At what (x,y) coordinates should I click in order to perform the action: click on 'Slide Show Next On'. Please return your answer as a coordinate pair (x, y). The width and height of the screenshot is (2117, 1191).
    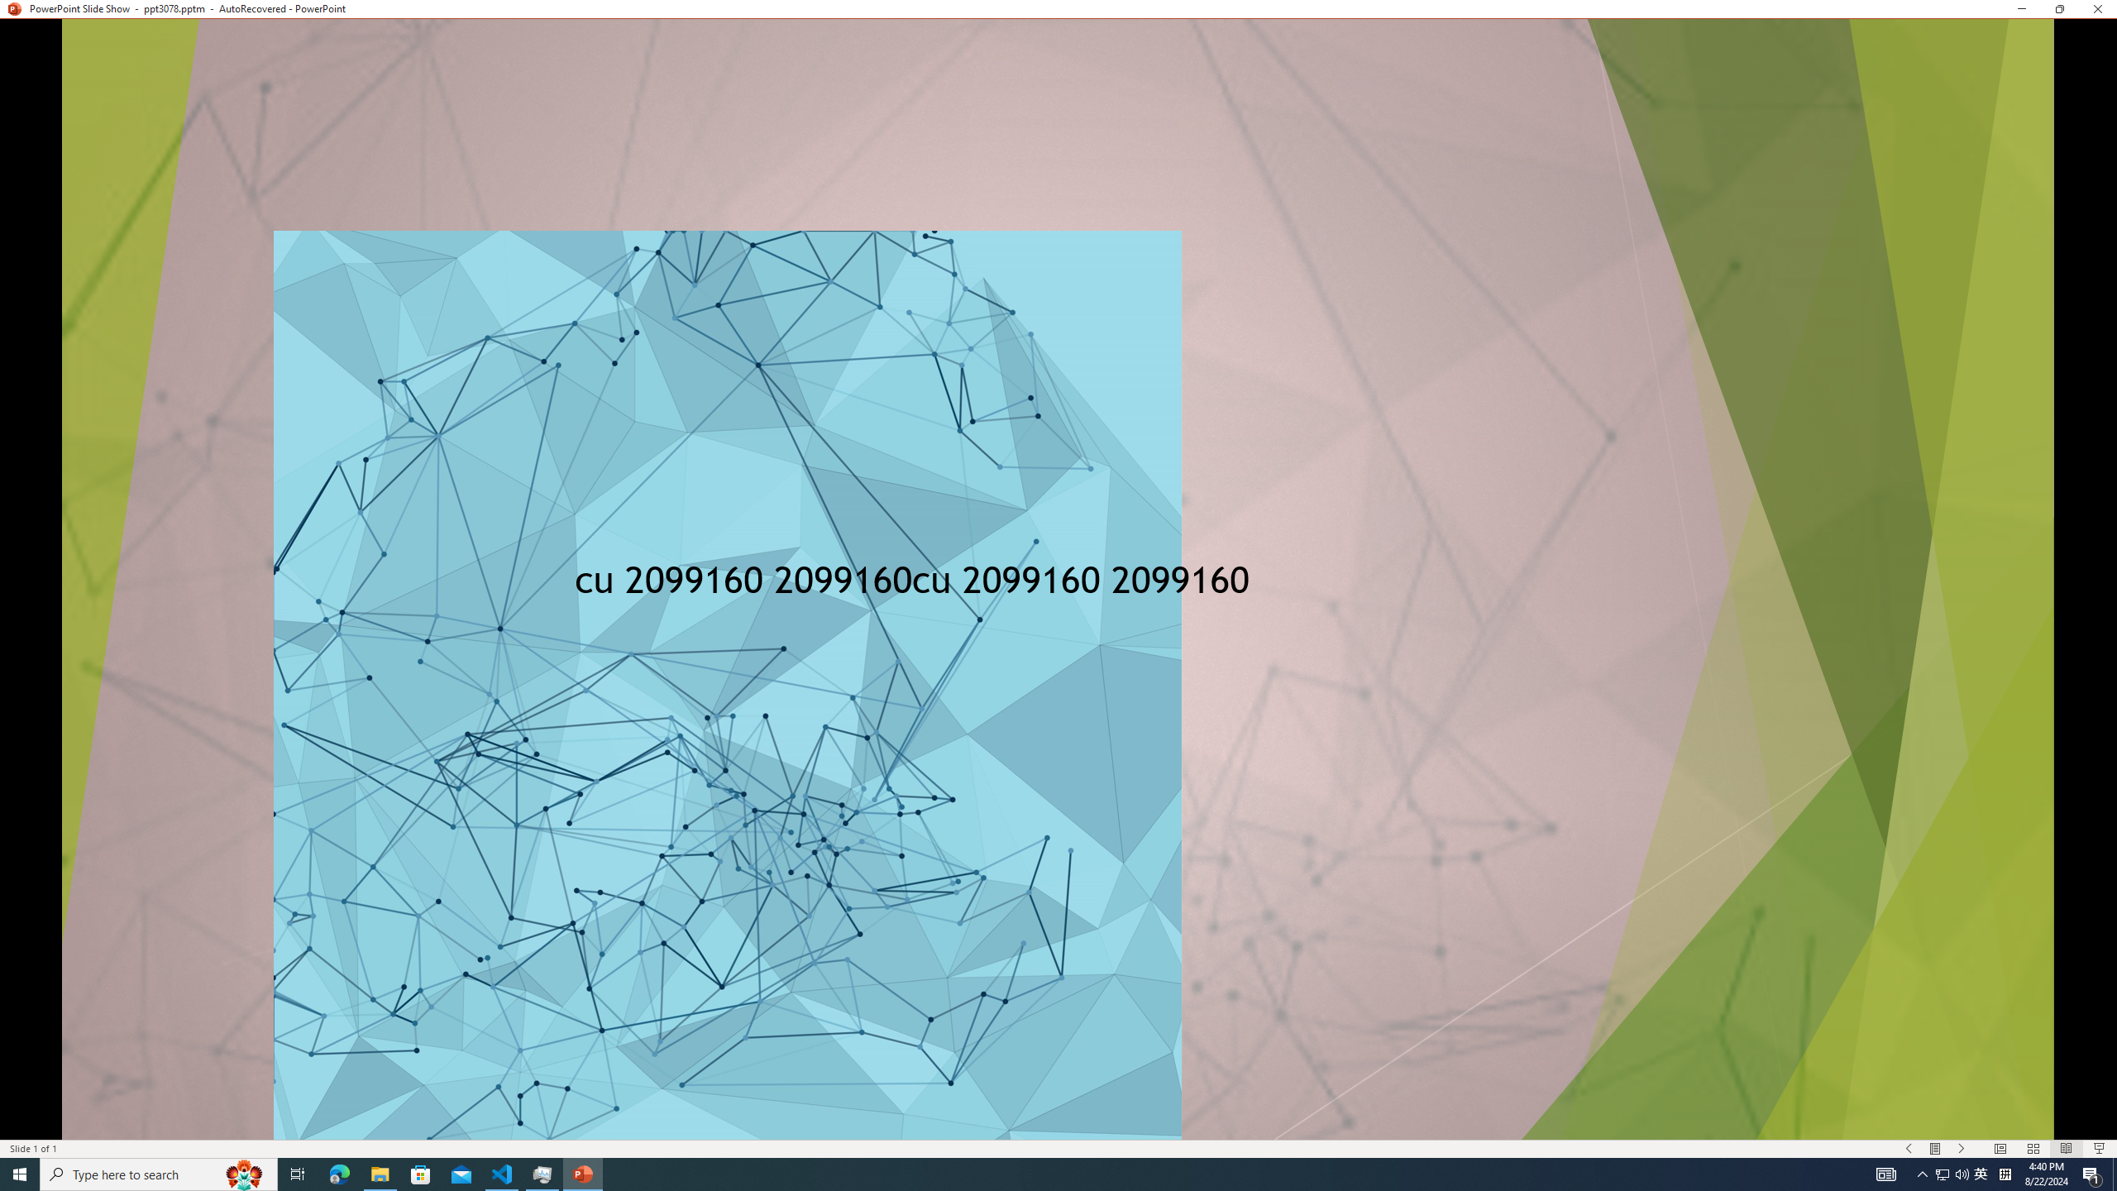
    Looking at the image, I should click on (1962, 1149).